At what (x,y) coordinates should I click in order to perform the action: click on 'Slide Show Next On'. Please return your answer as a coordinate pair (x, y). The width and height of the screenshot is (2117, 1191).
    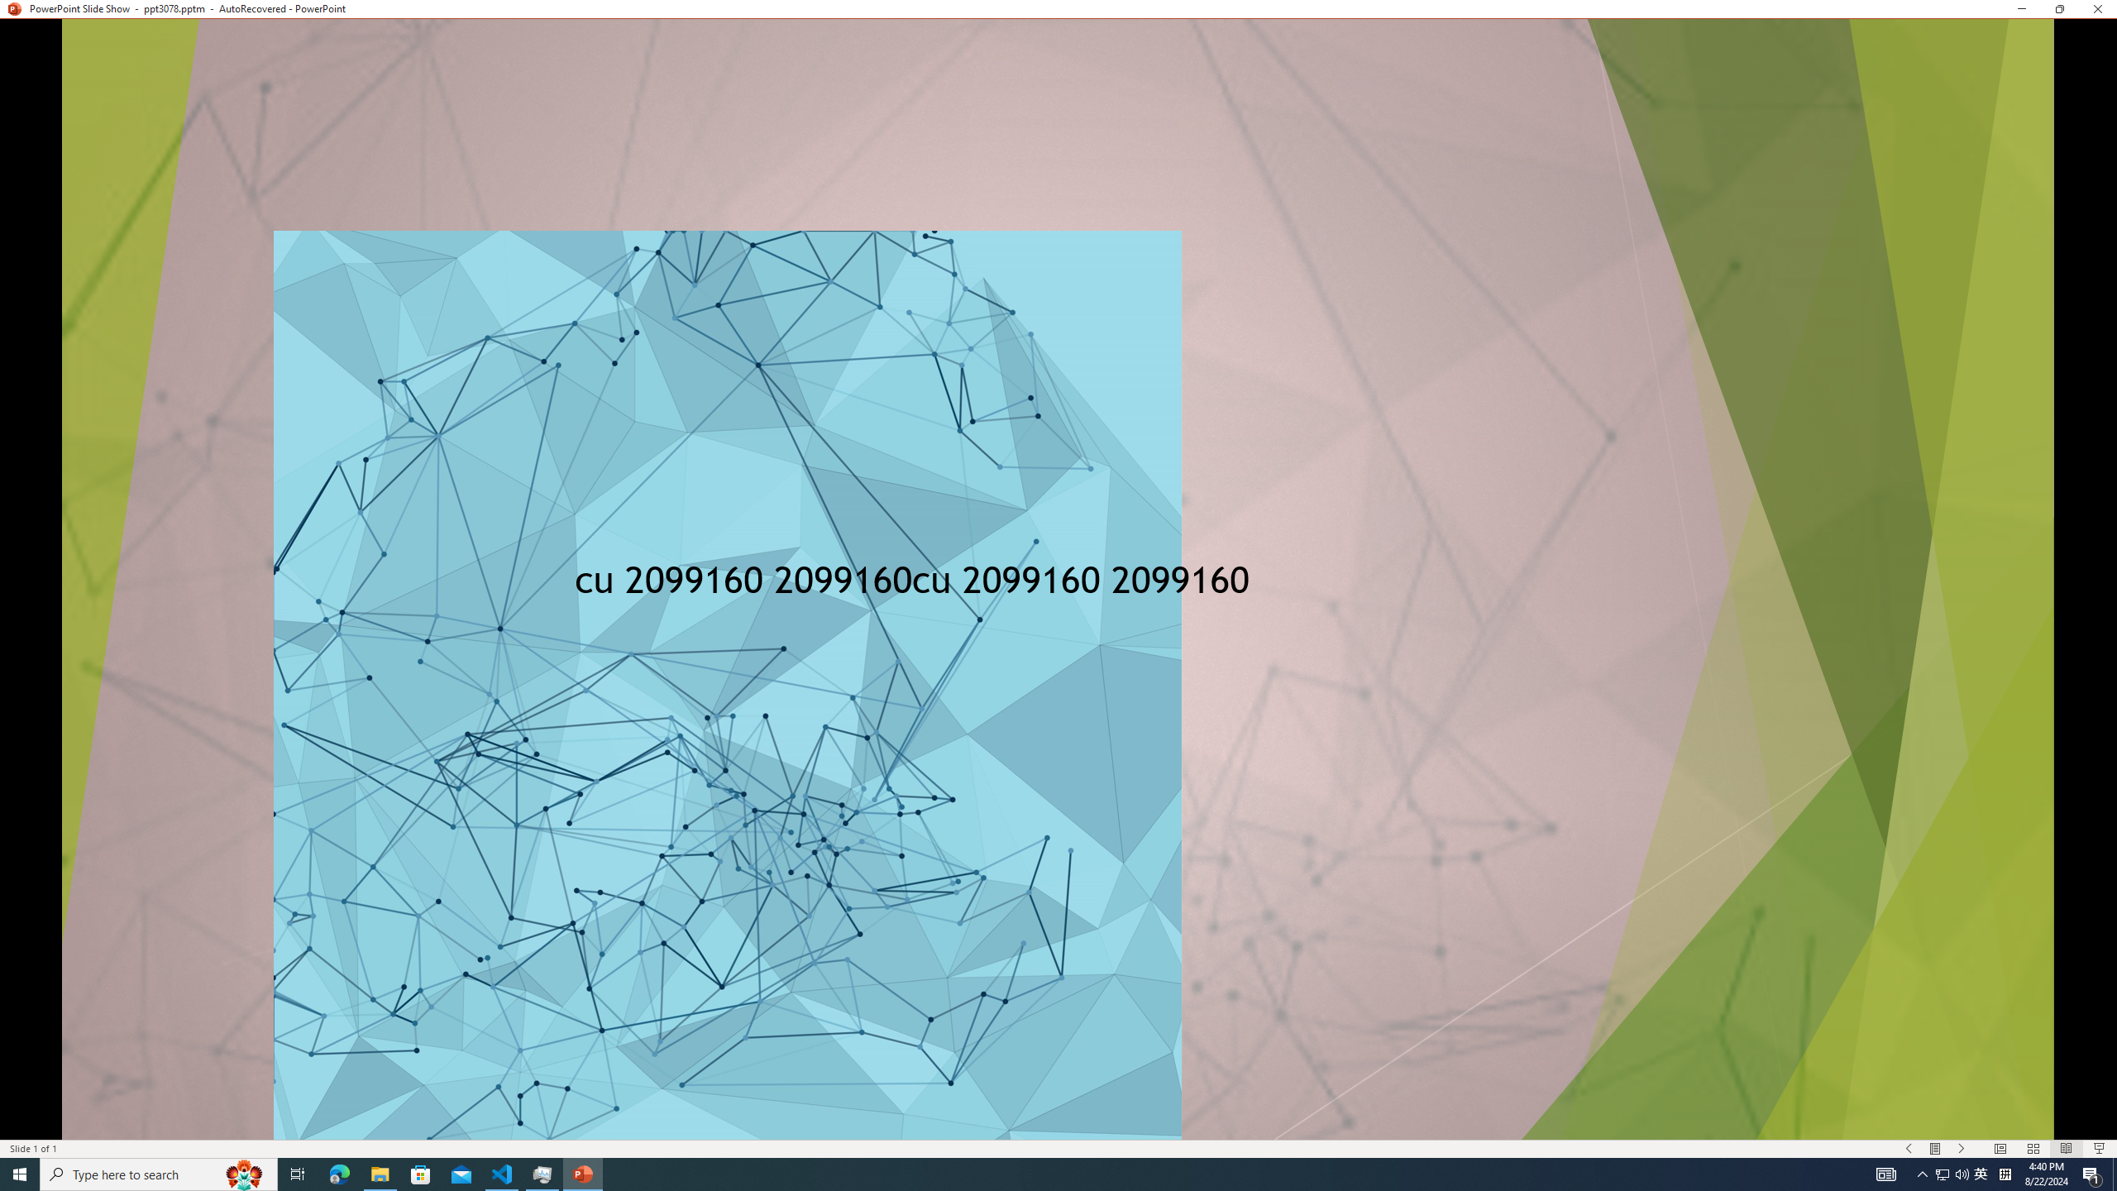
    Looking at the image, I should click on (1962, 1149).